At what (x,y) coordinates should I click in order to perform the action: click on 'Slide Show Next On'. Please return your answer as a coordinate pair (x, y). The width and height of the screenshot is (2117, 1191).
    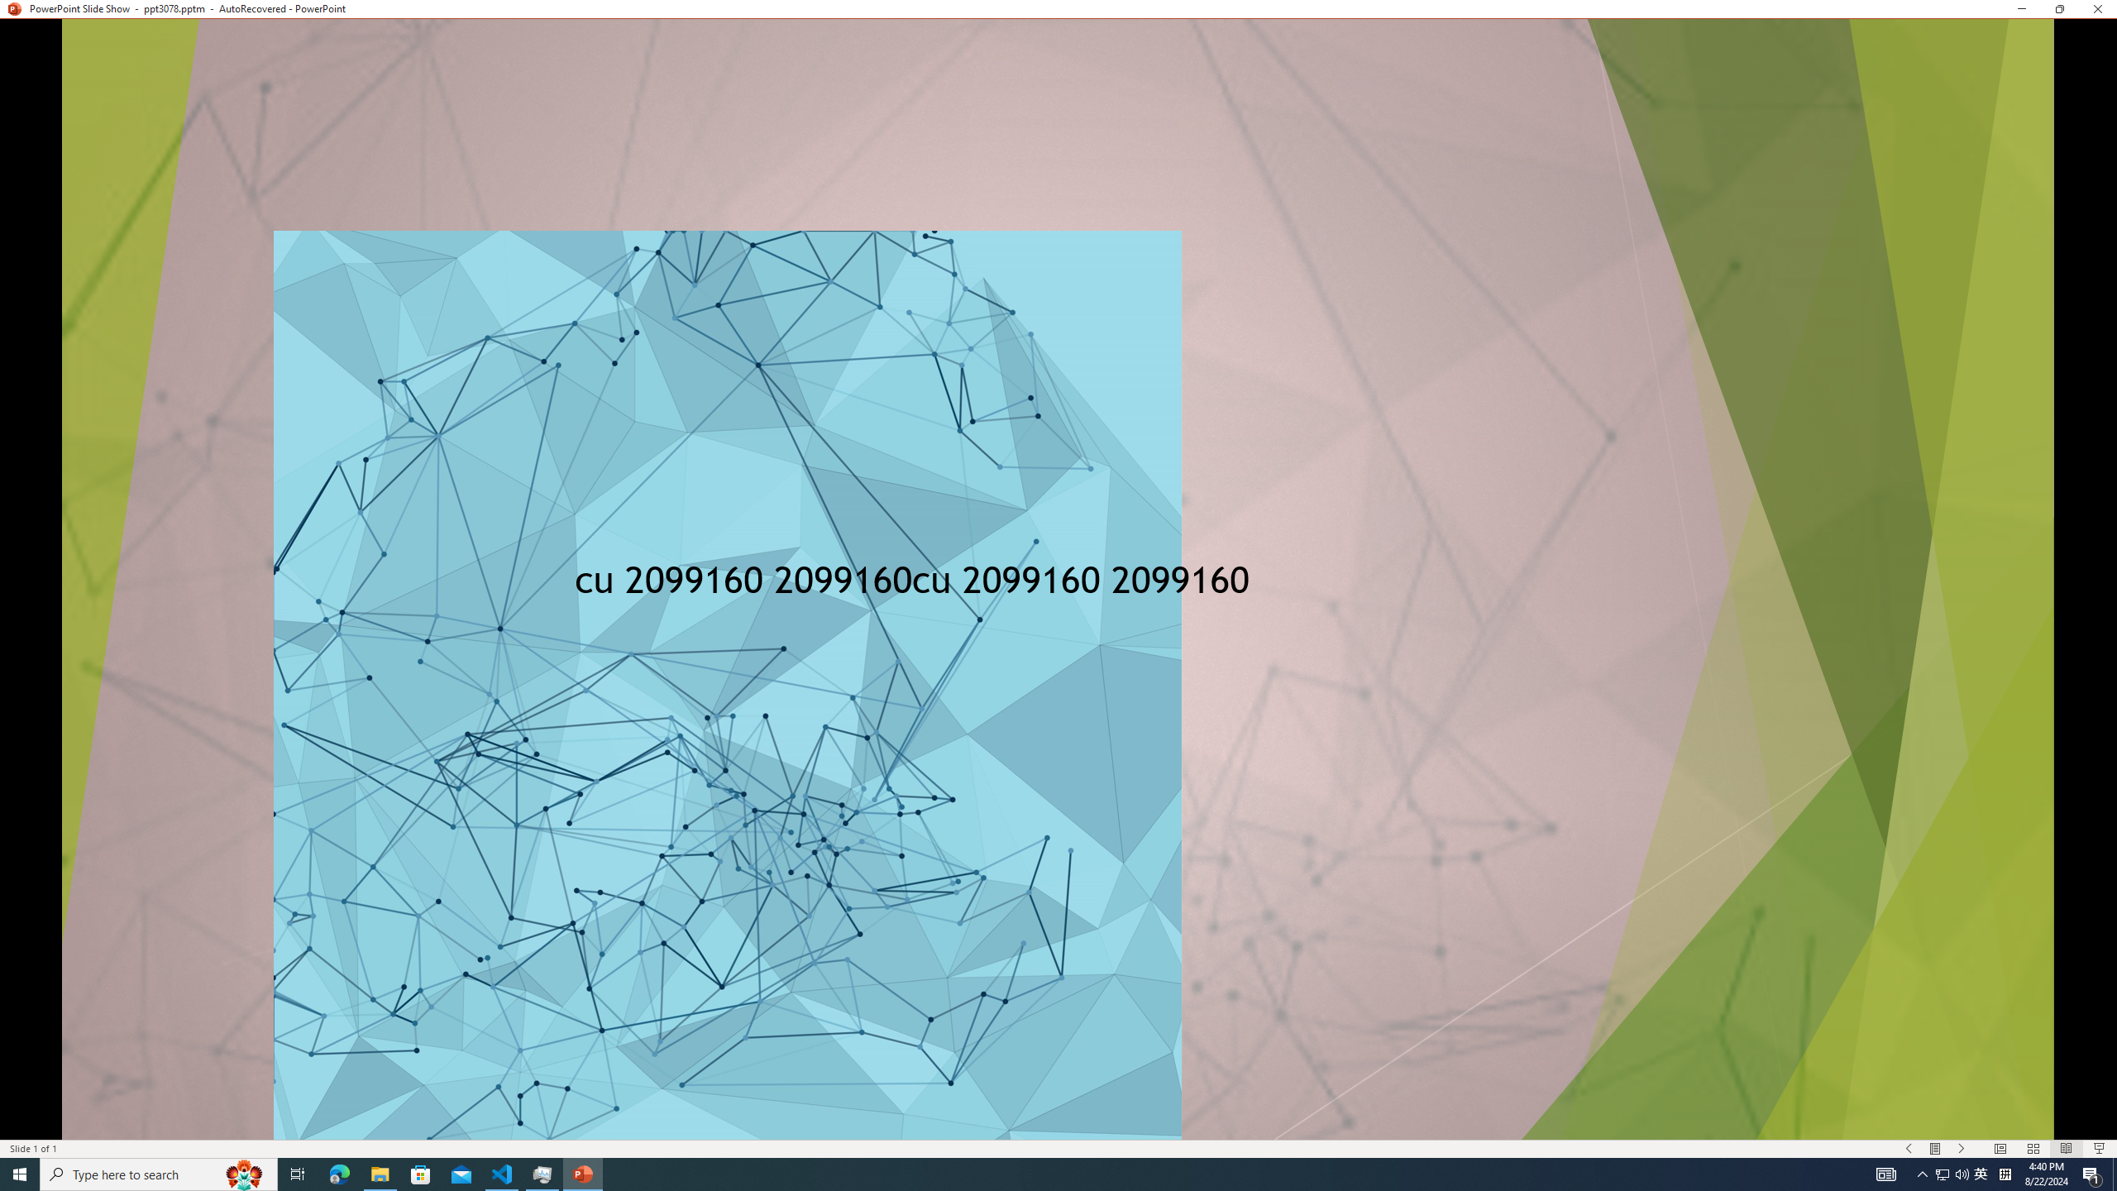
    Looking at the image, I should click on (1962, 1149).